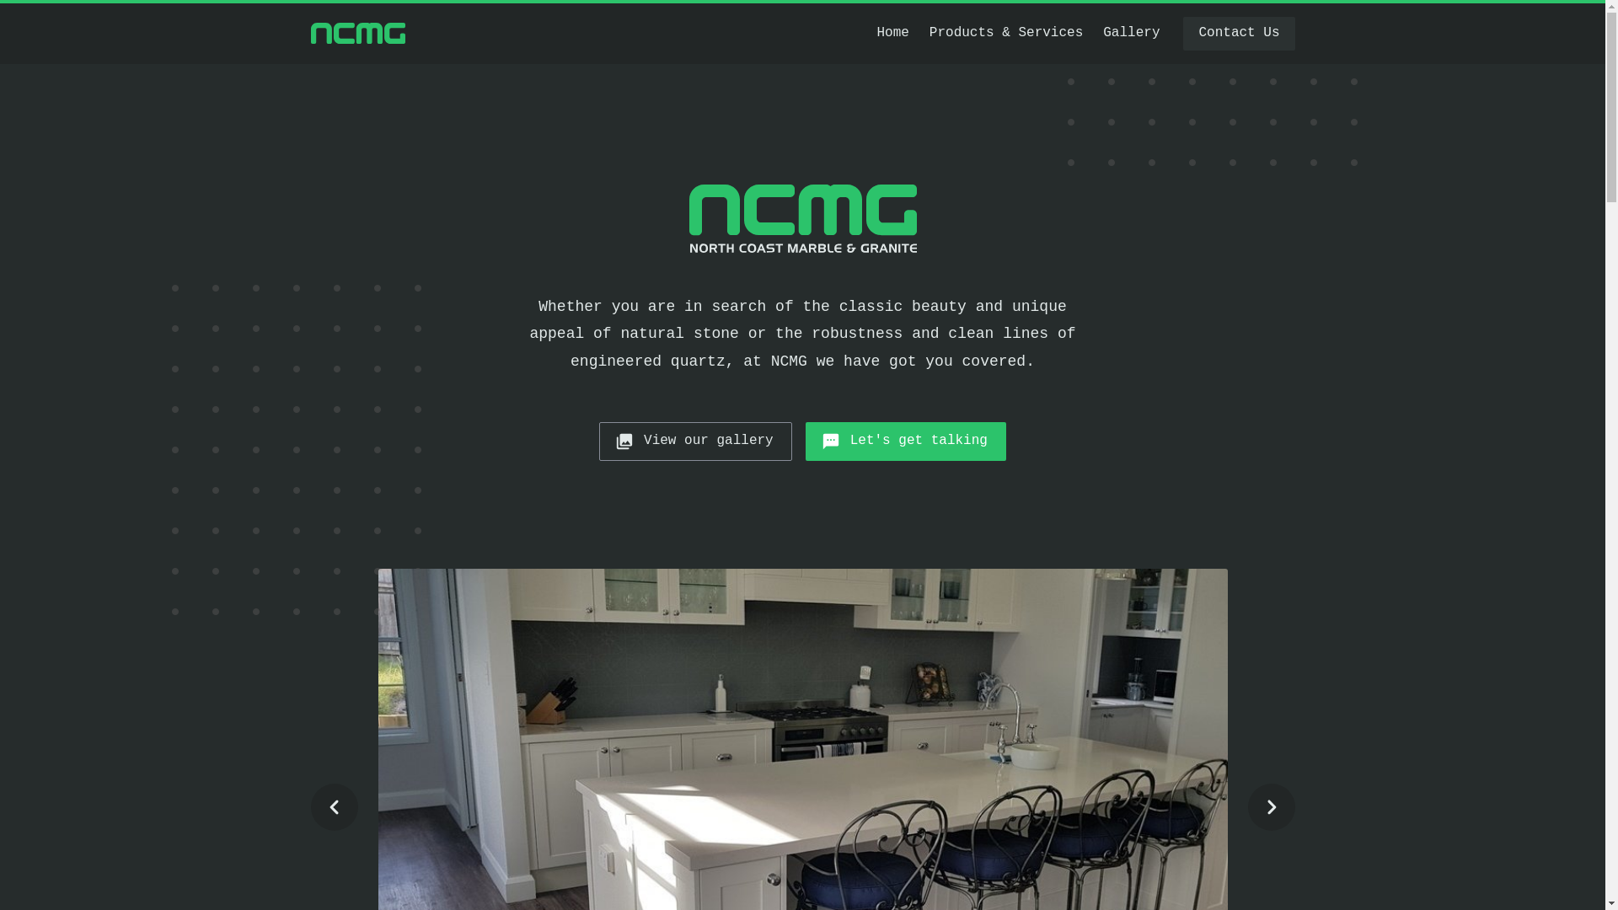 The image size is (1618, 910). Describe the element at coordinates (695, 441) in the screenshot. I see `'View our gallery'` at that location.